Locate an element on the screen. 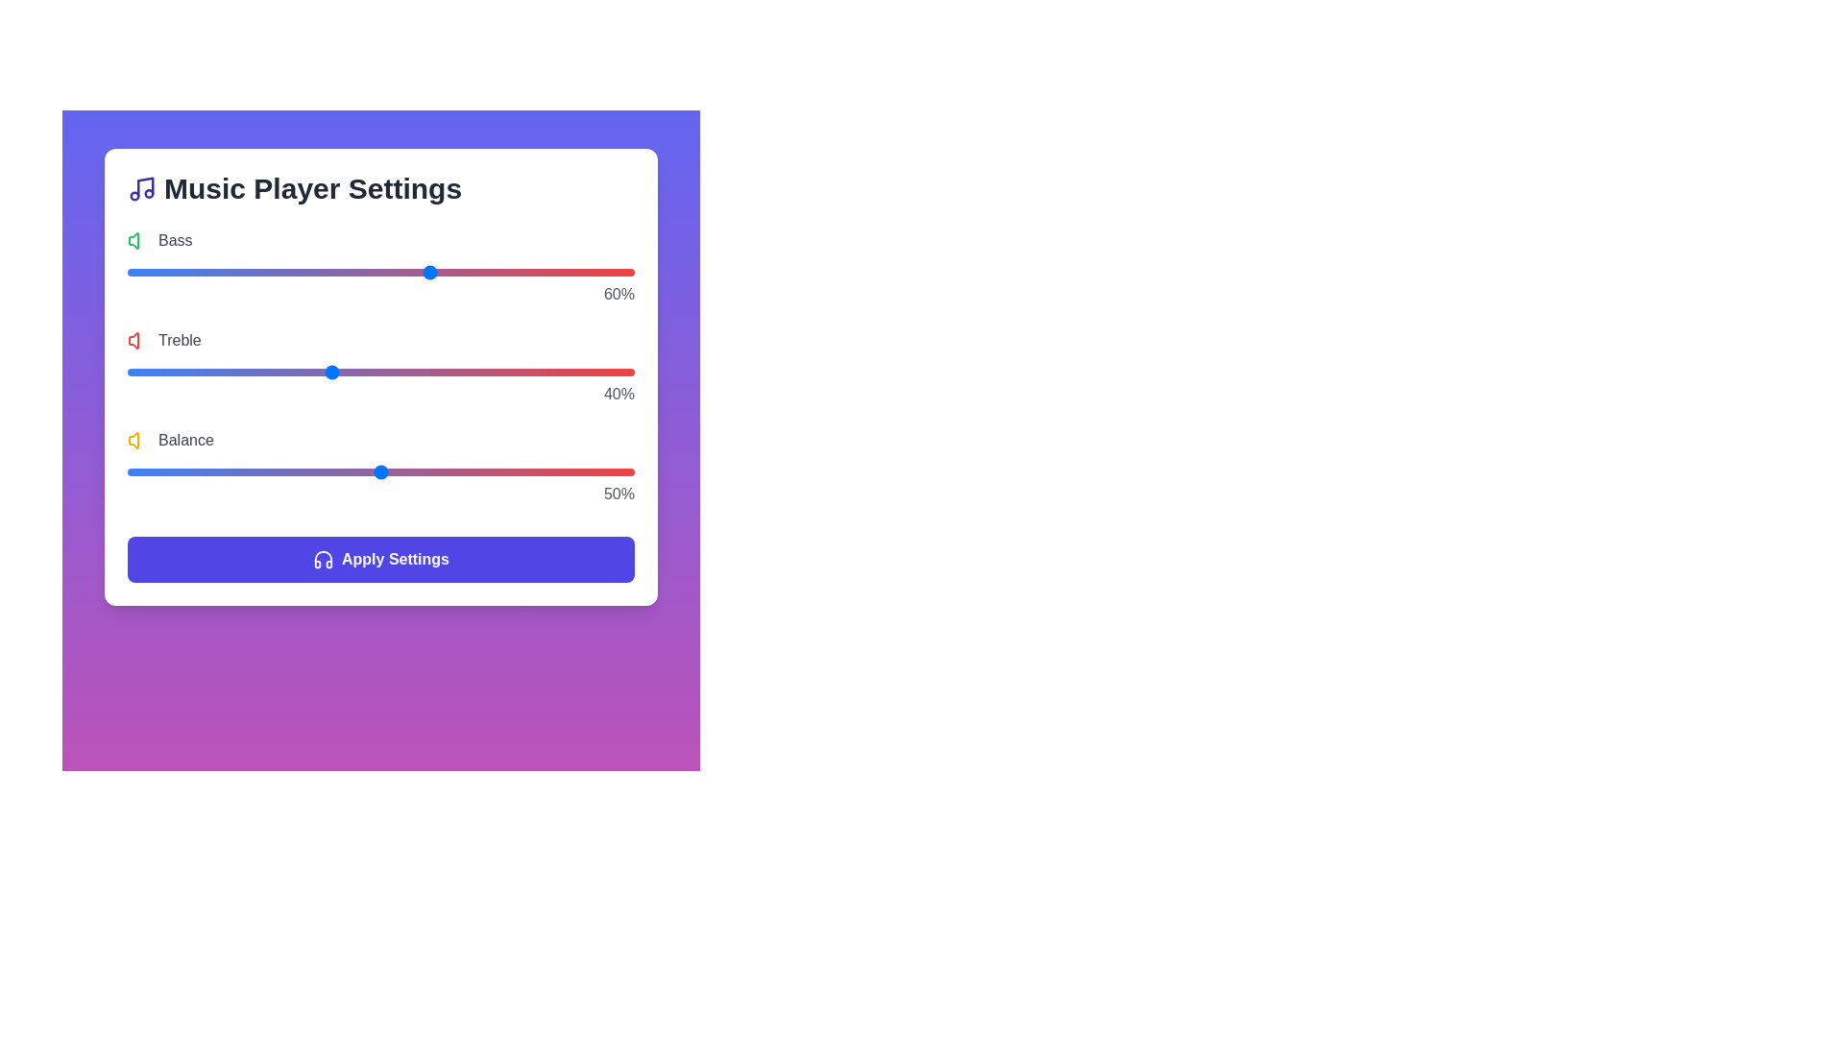 Image resolution: width=1844 pixels, height=1037 pixels. the 0 slider to 50% is located at coordinates (381, 273).